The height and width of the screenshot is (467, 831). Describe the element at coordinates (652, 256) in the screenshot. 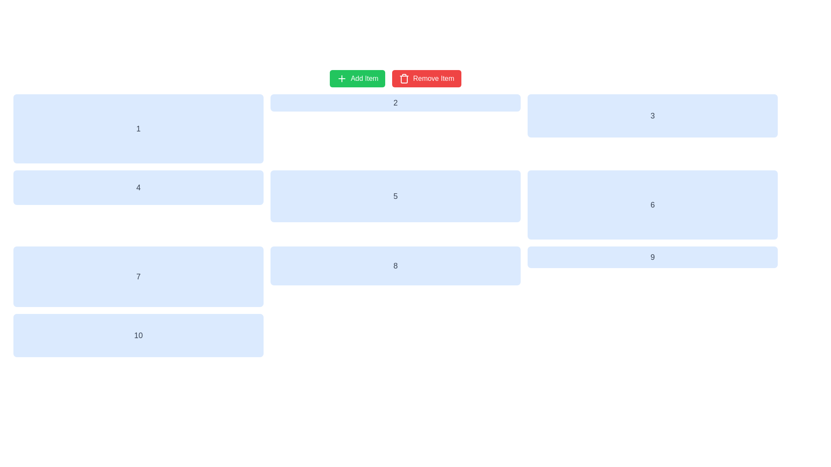

I see `the static text label displaying numerical or item representation, located in the third column of the fourth row of a 3-column grid layout, which is the ninth item with '6' above and '10' below` at that location.